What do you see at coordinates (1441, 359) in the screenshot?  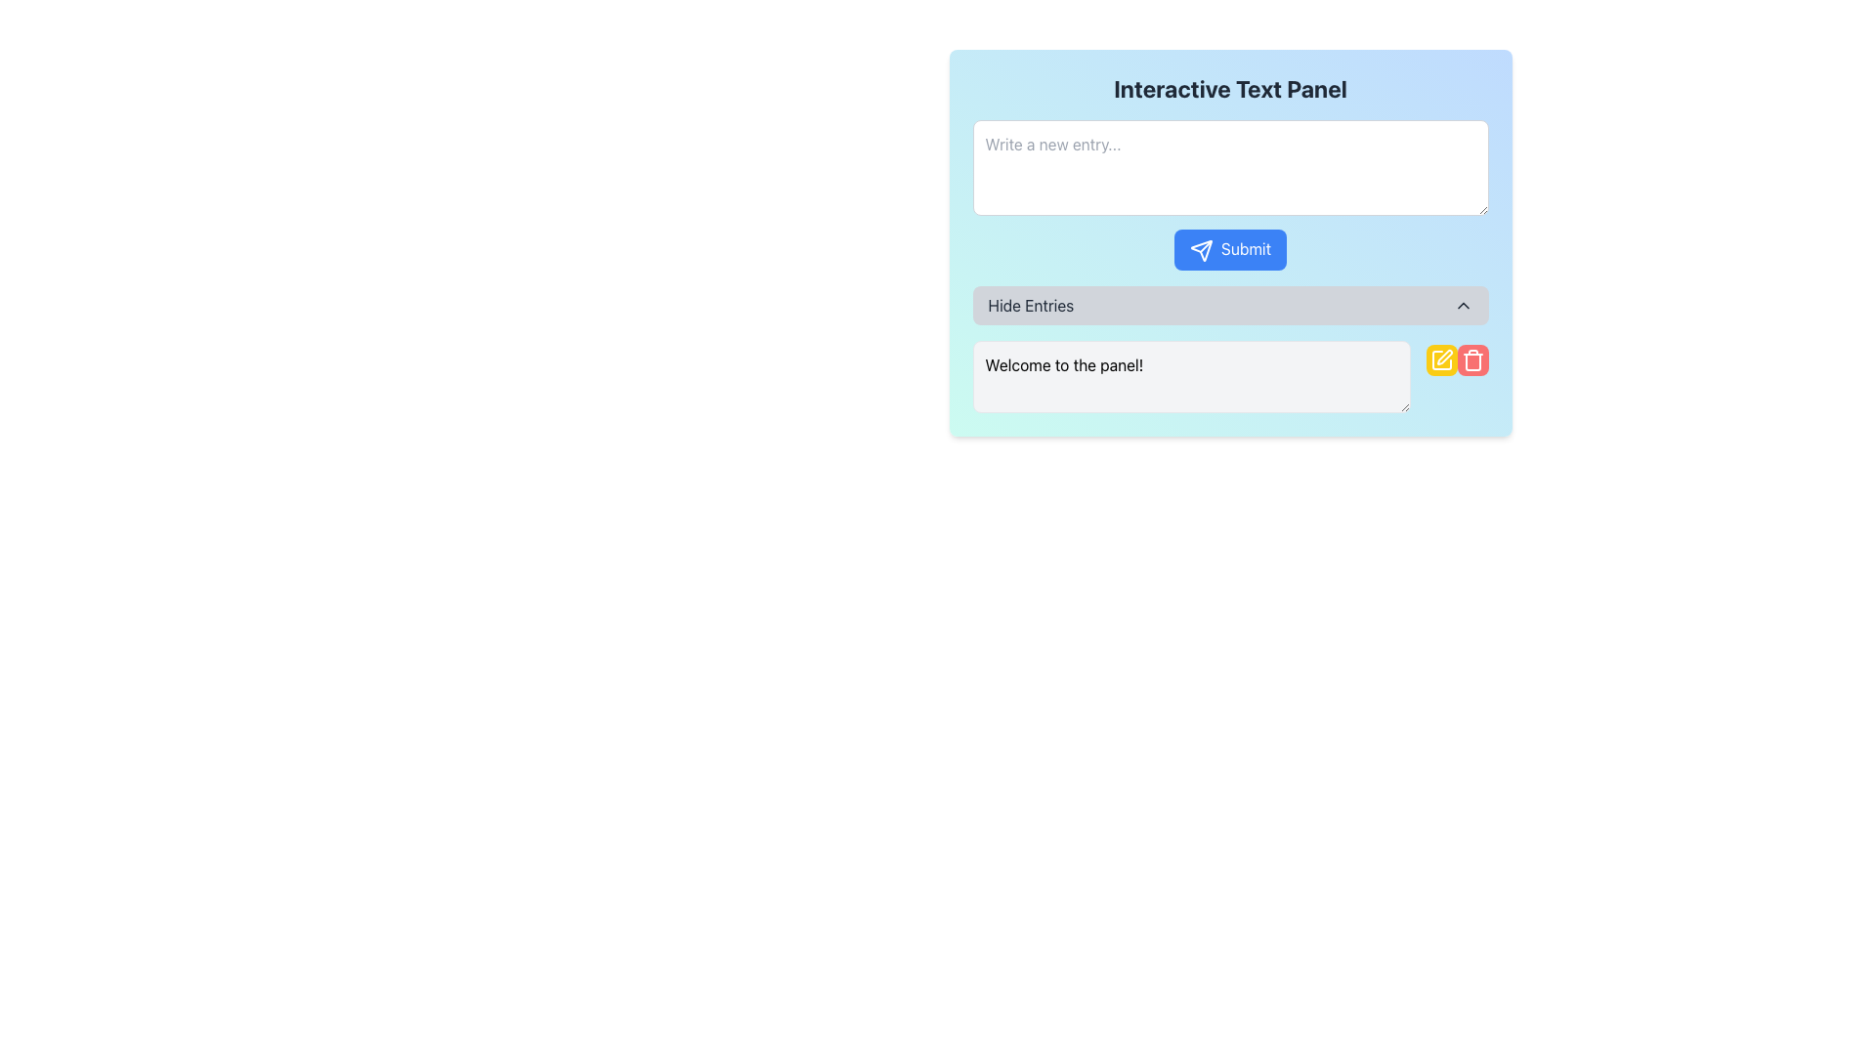 I see `the edit icon button located at the bottom right of the entry section, next to the red delete button, to modify the associated entry` at bounding box center [1441, 359].